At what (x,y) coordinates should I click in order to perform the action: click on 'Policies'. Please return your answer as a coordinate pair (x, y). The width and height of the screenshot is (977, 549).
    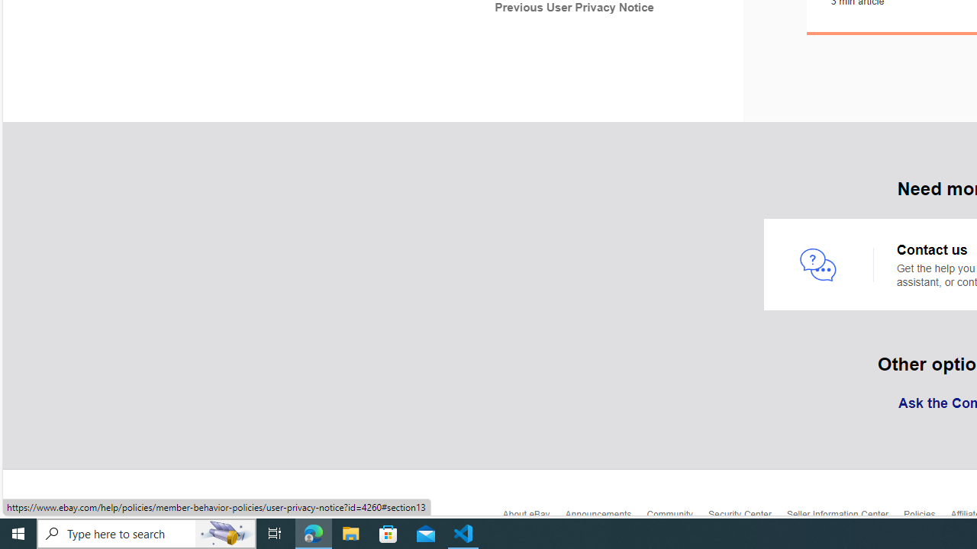
    Looking at the image, I should click on (926, 517).